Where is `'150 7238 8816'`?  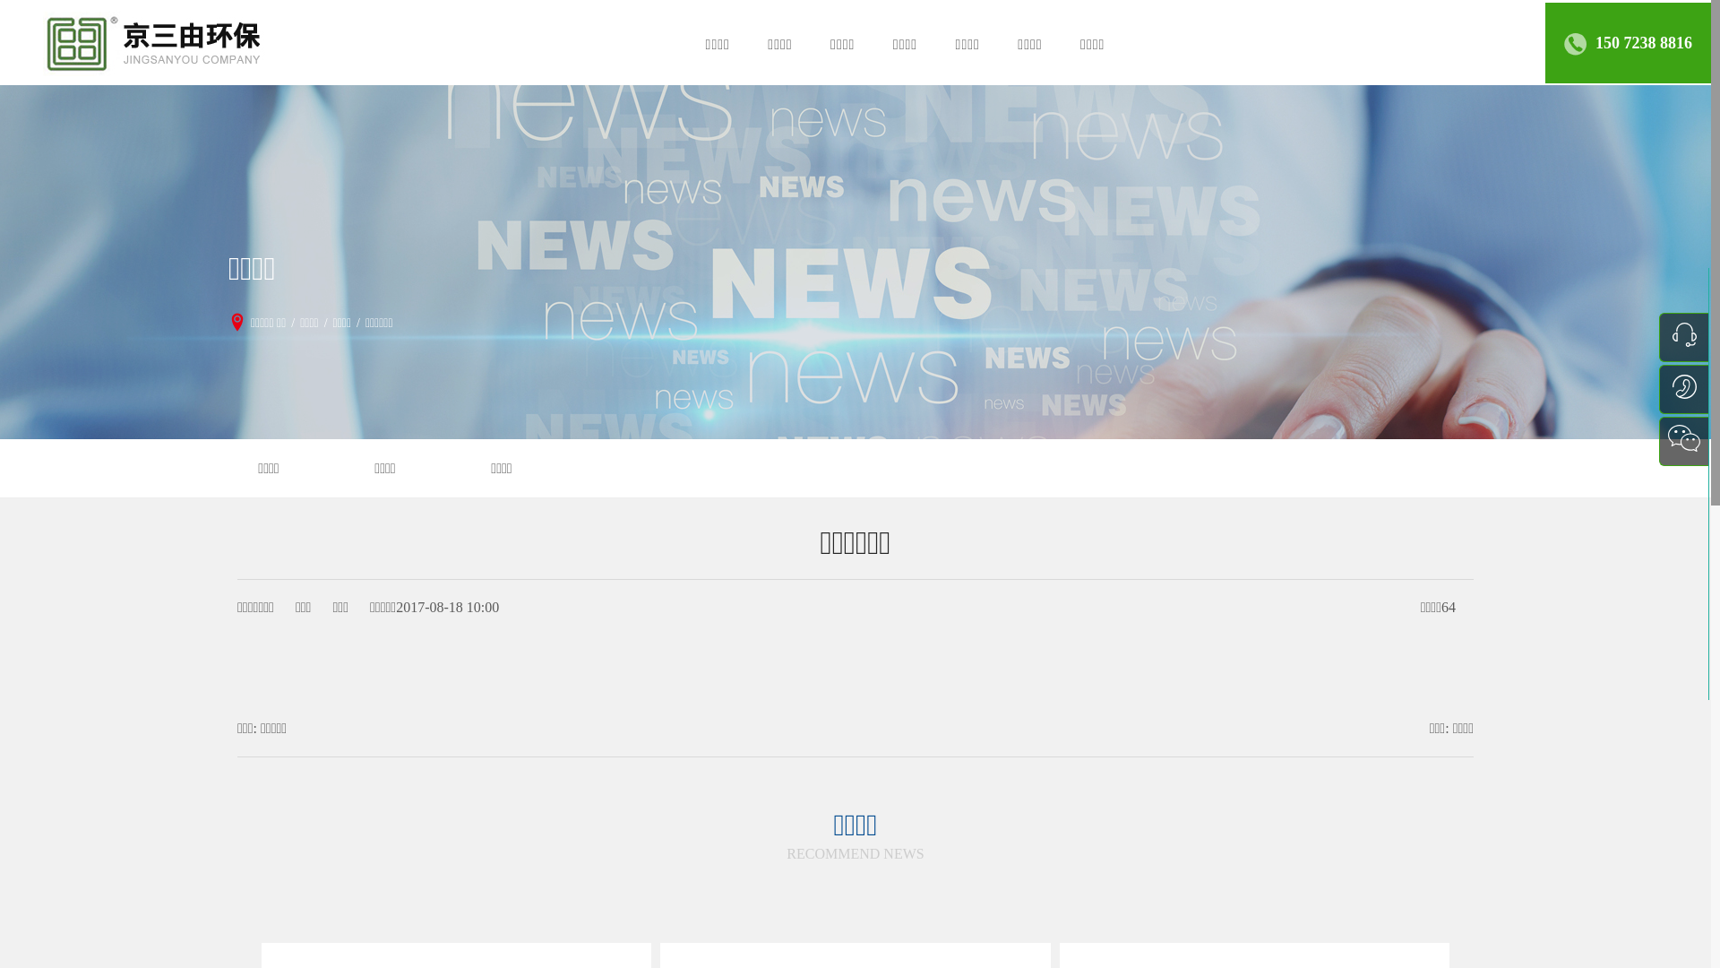
'150 7238 8816' is located at coordinates (1643, 40).